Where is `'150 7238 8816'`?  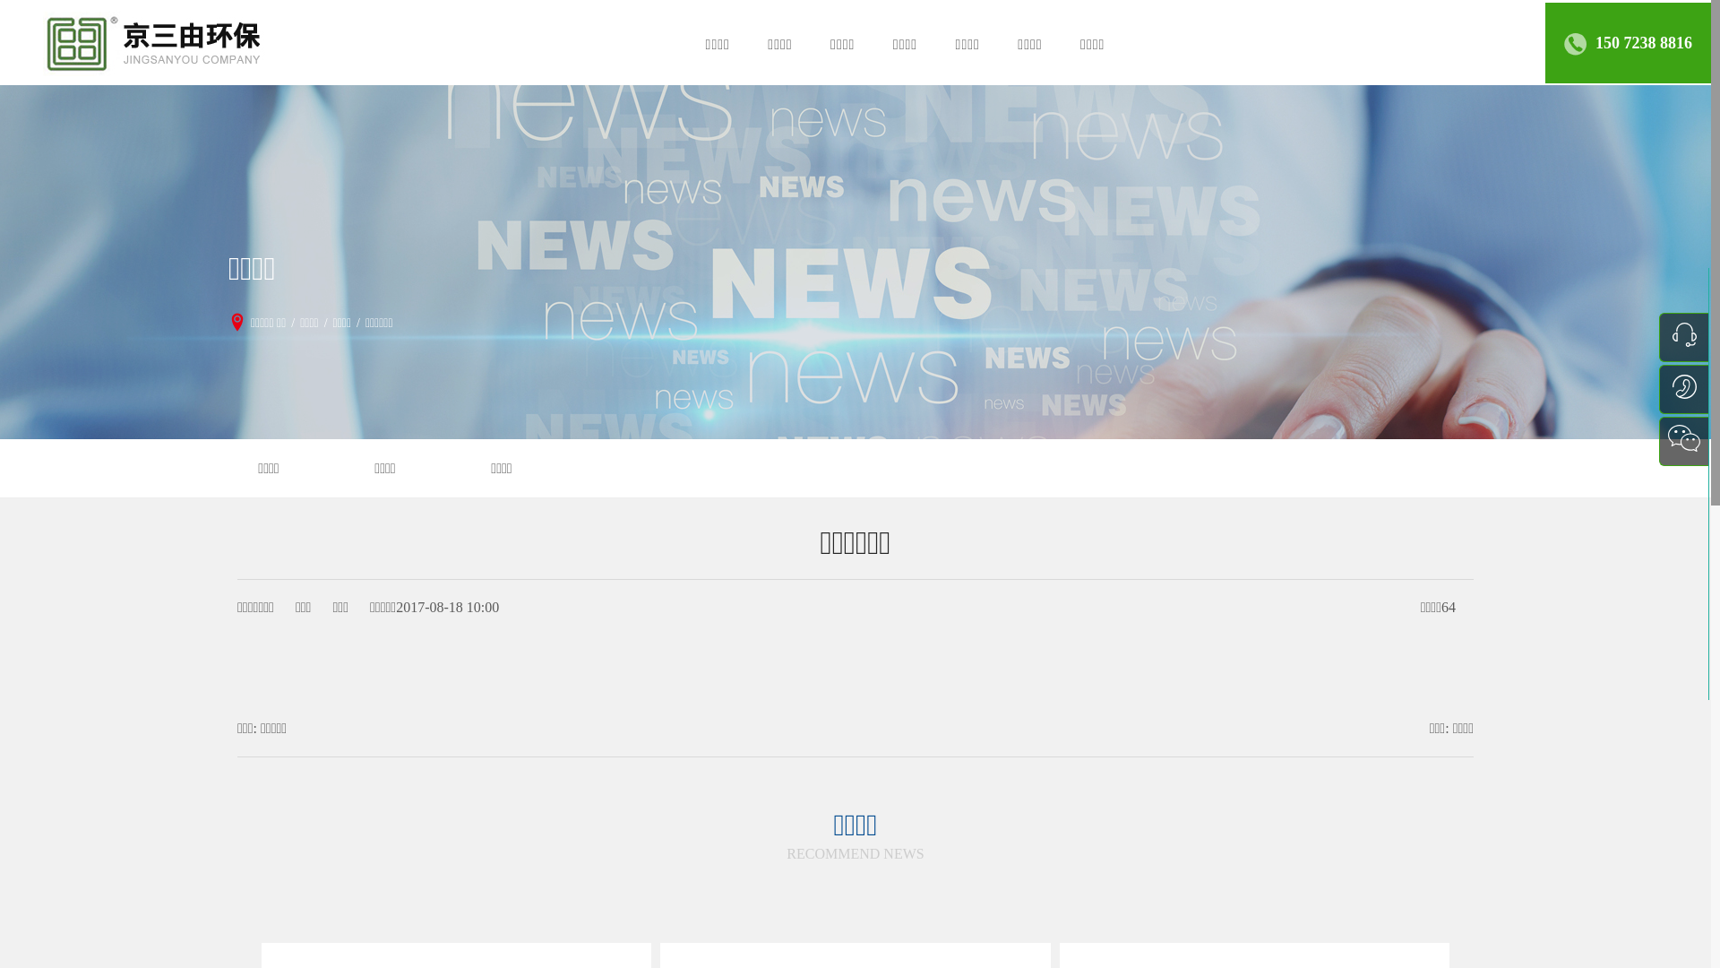
'150 7238 8816' is located at coordinates (1643, 40).